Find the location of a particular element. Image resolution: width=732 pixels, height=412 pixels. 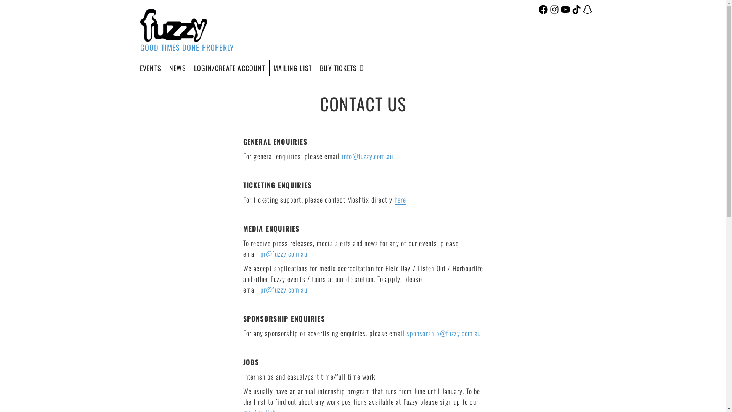

'NEWS' is located at coordinates (165, 67).